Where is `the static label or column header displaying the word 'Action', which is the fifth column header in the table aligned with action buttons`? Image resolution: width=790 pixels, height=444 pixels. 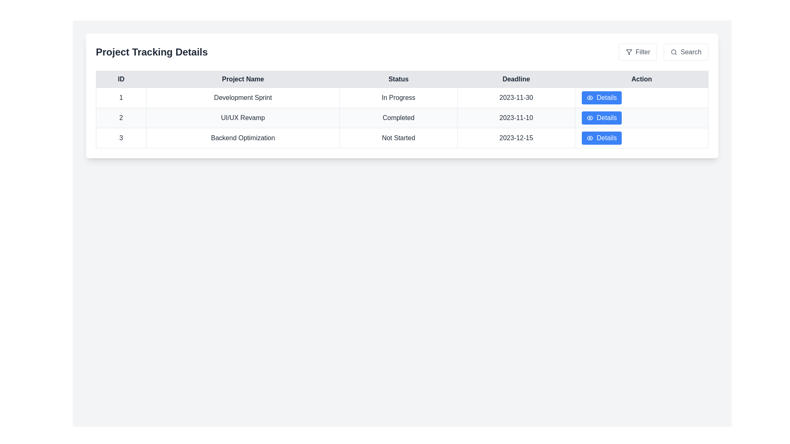
the static label or column header displaying the word 'Action', which is the fifth column header in the table aligned with action buttons is located at coordinates (641, 79).